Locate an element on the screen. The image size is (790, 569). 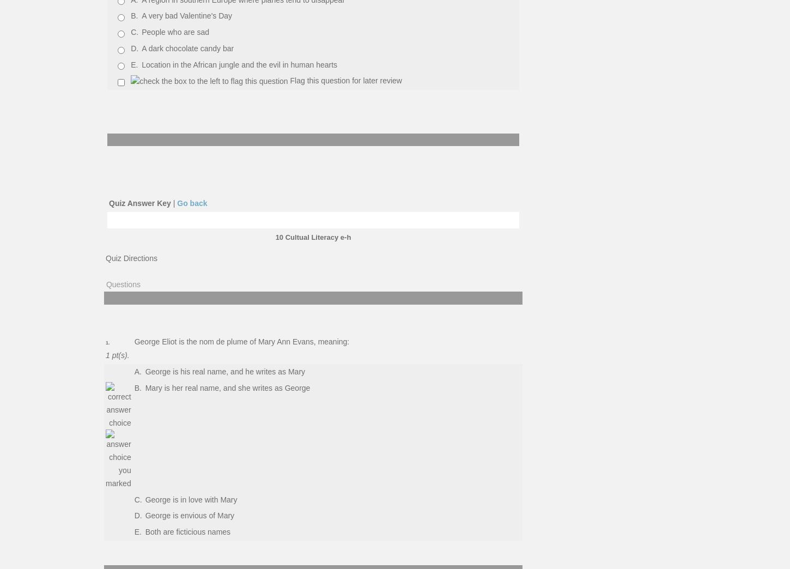
'Flag this question for later review' is located at coordinates (345, 80).